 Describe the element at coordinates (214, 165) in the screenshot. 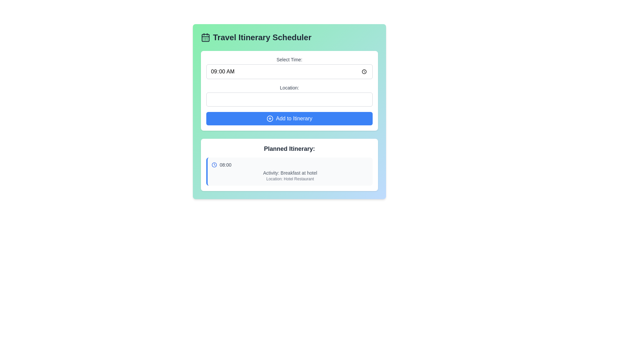

I see `the clock icon that visually represents time, positioned to the left of the text '08:00'` at that location.